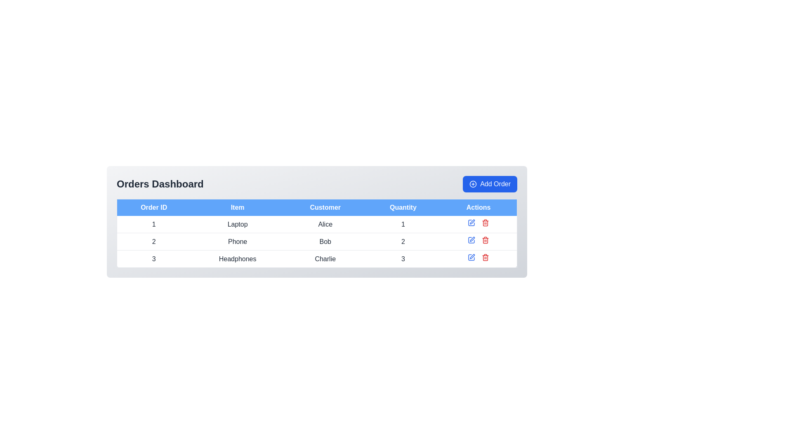  Describe the element at coordinates (486, 222) in the screenshot. I see `the red trash can icon button located in the third row of the 'Actions' column` at that location.